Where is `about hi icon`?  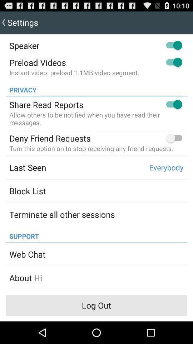 about hi icon is located at coordinates (25, 277).